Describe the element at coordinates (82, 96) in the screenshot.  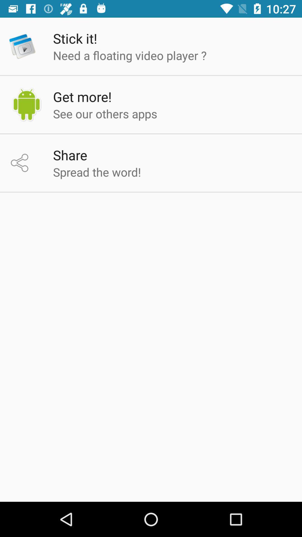
I see `get more! item` at that location.